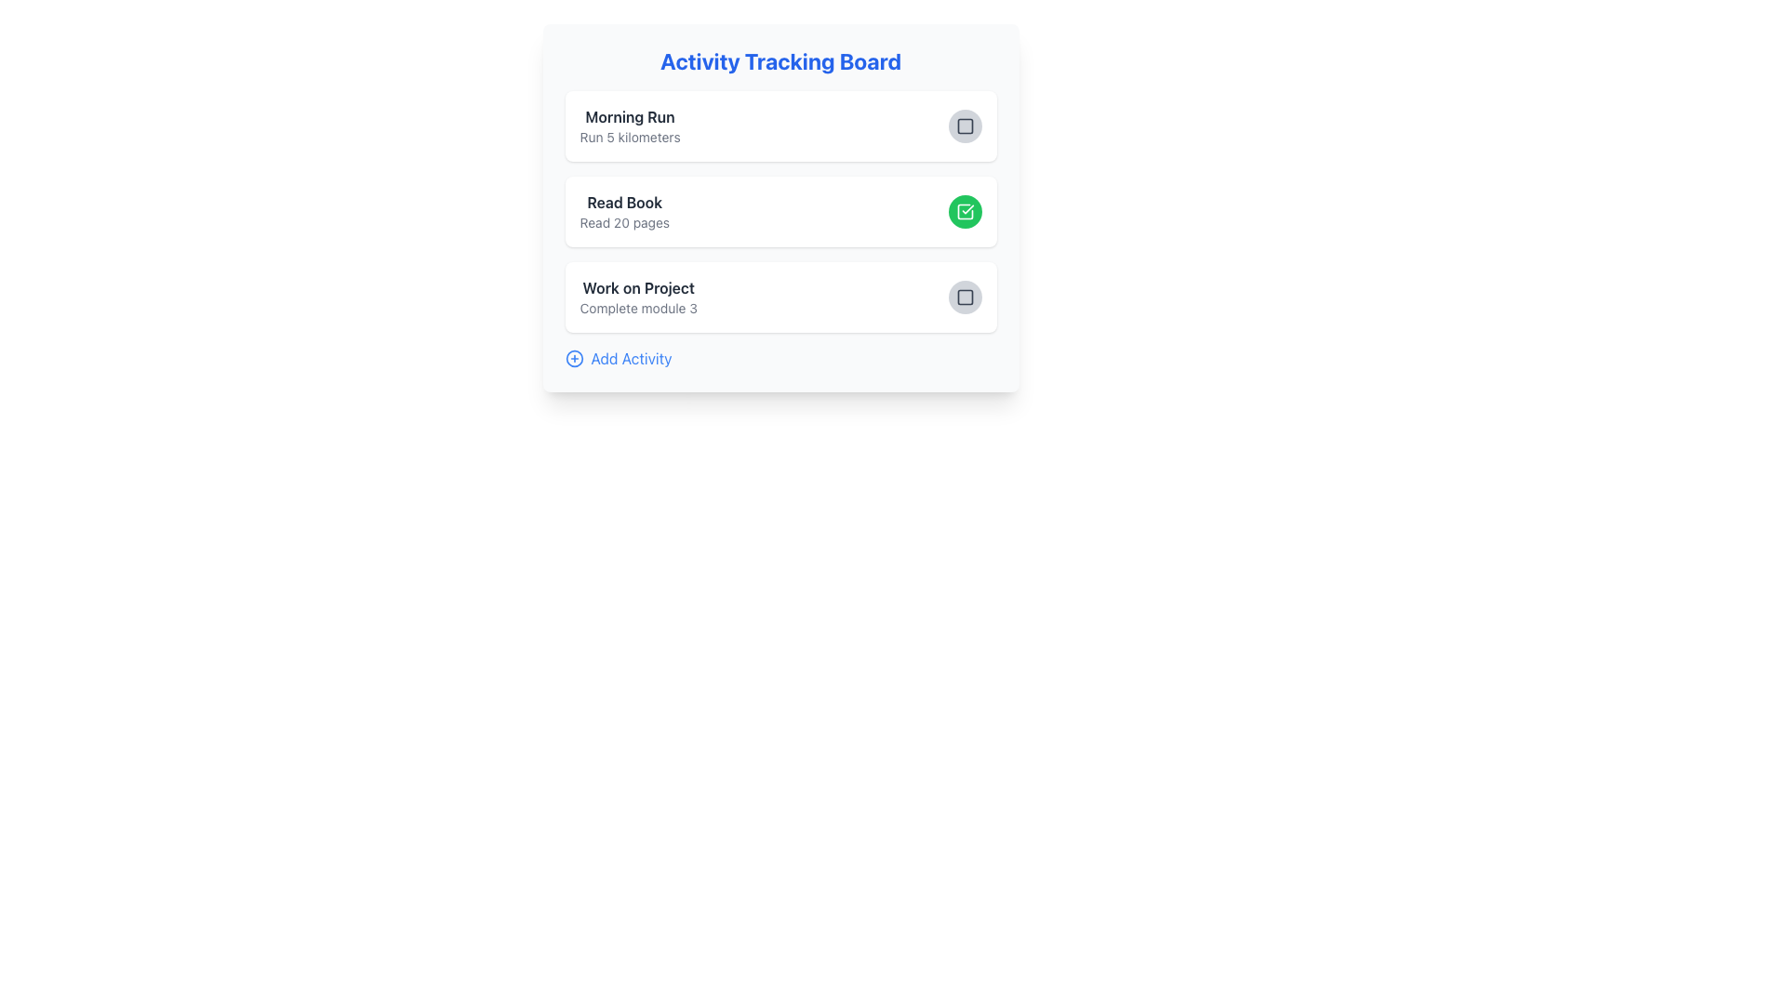 The height and width of the screenshot is (1004, 1786). I want to click on the Text Label that describes the activity being tracked, located in the middle card of the vertically stacked activity cards, positioned above 'Read 20 pages', so click(624, 203).